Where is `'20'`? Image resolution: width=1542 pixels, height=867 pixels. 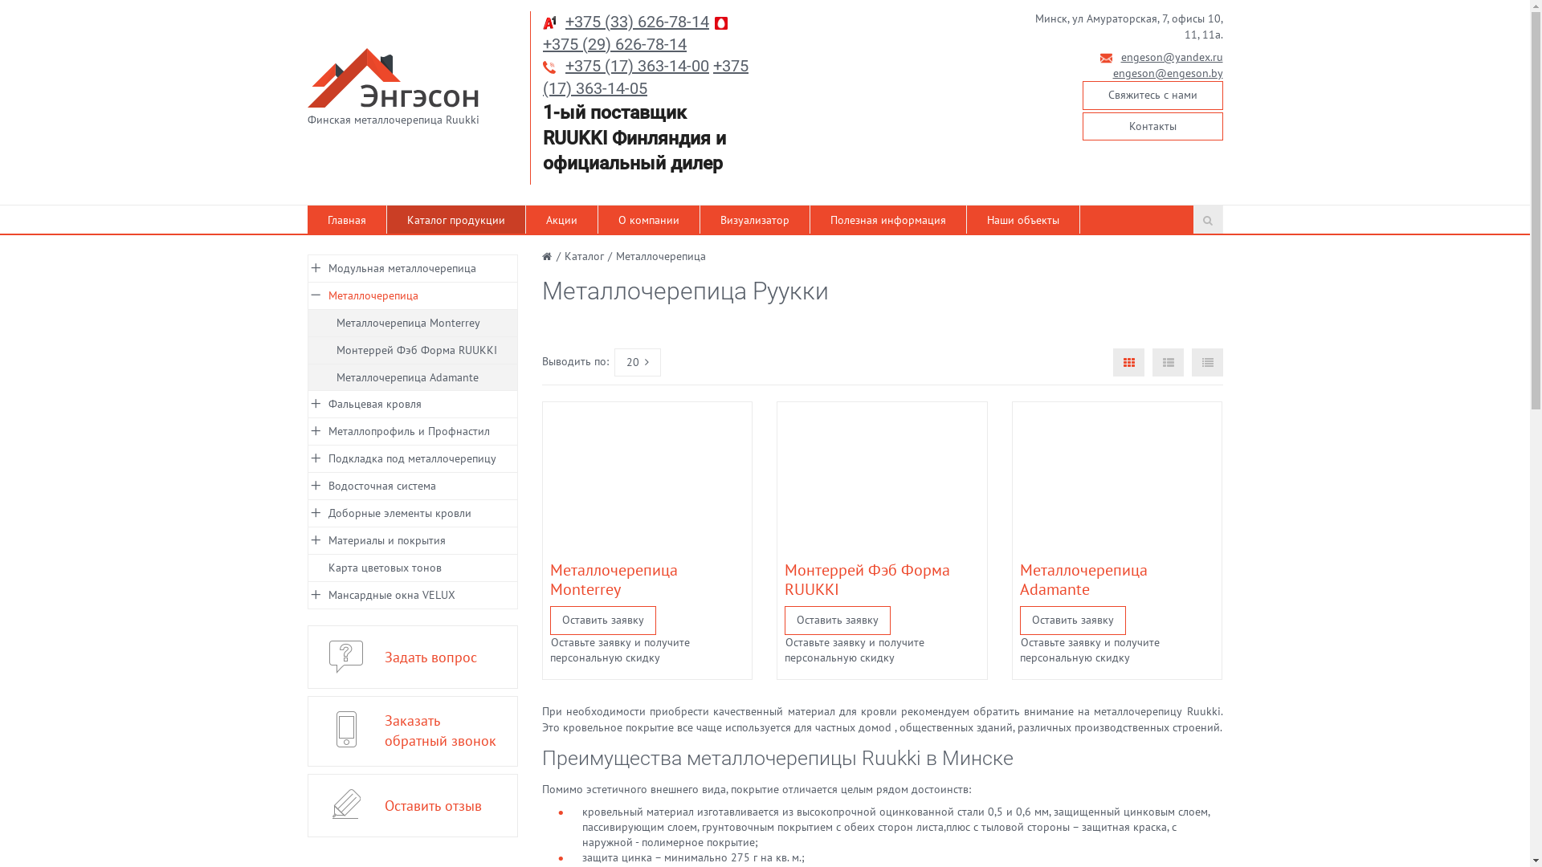
'20' is located at coordinates (636, 362).